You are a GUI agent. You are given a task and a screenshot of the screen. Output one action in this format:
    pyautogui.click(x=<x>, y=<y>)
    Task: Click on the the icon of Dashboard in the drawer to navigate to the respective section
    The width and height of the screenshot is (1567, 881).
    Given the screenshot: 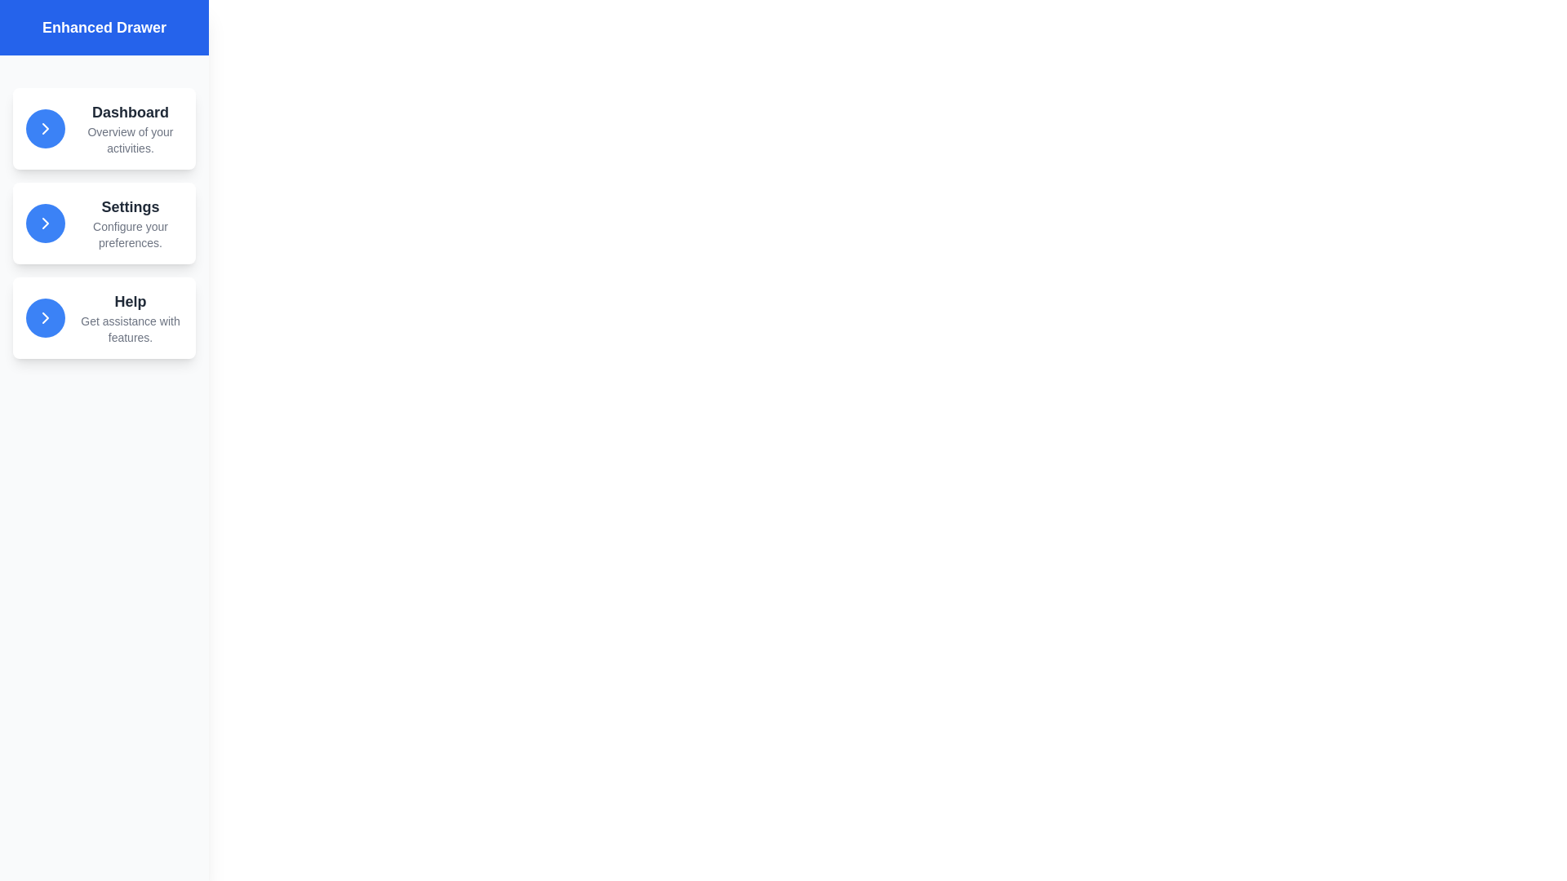 What is the action you would take?
    pyautogui.click(x=46, y=128)
    